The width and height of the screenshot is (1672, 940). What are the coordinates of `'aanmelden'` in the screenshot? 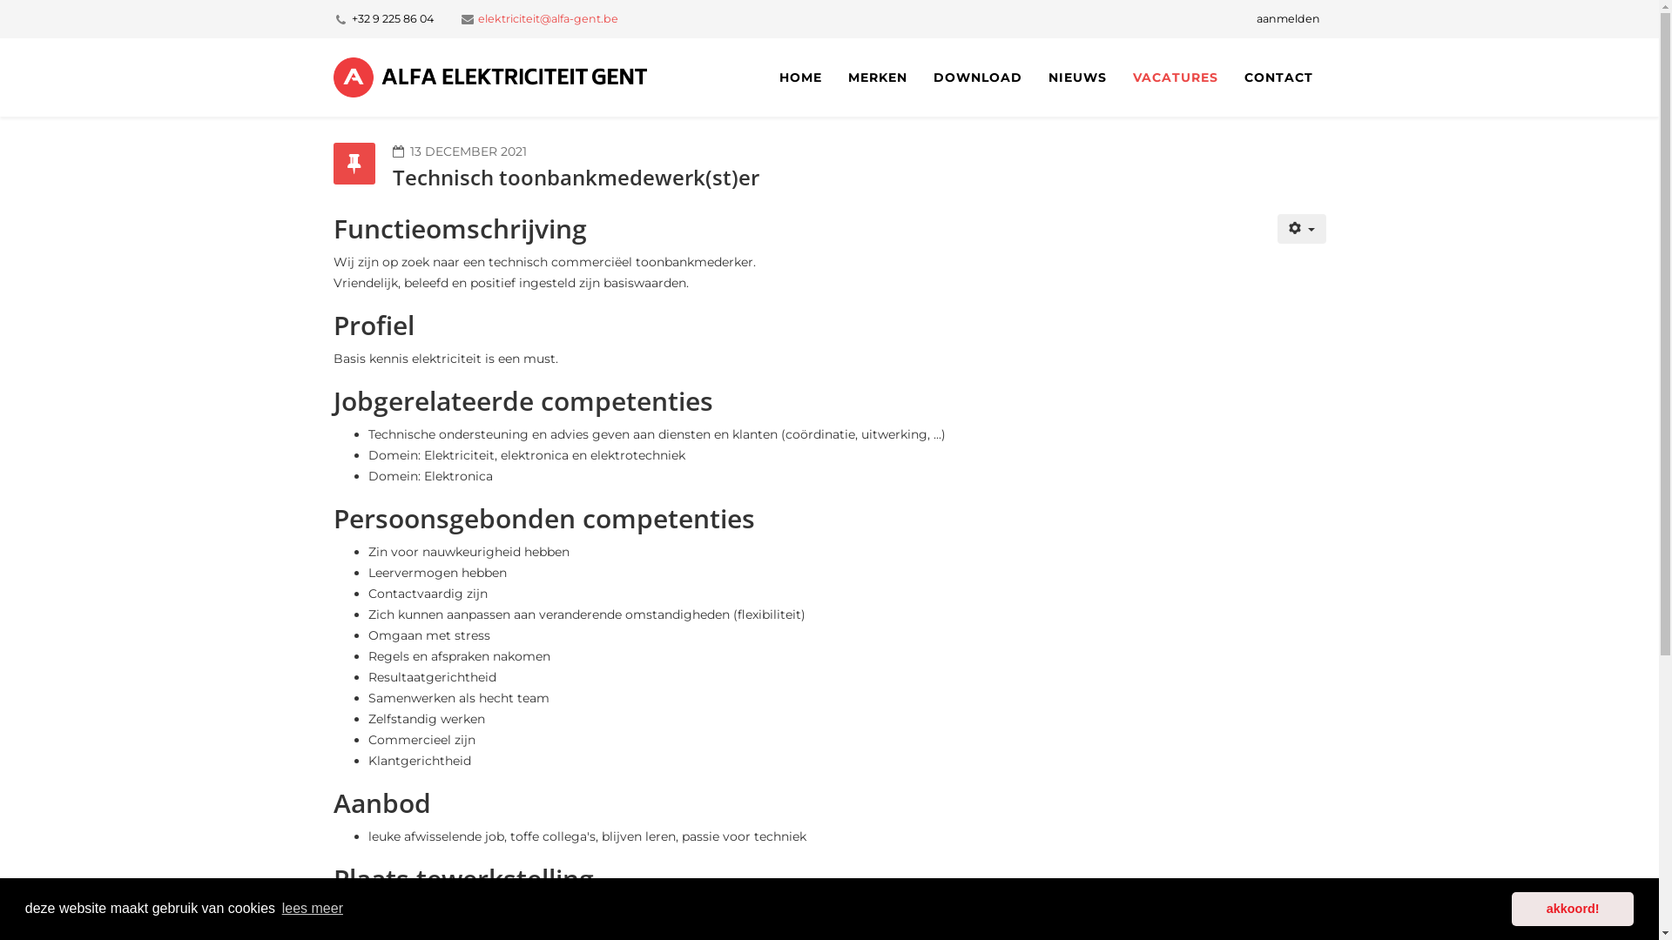 It's located at (1287, 19).